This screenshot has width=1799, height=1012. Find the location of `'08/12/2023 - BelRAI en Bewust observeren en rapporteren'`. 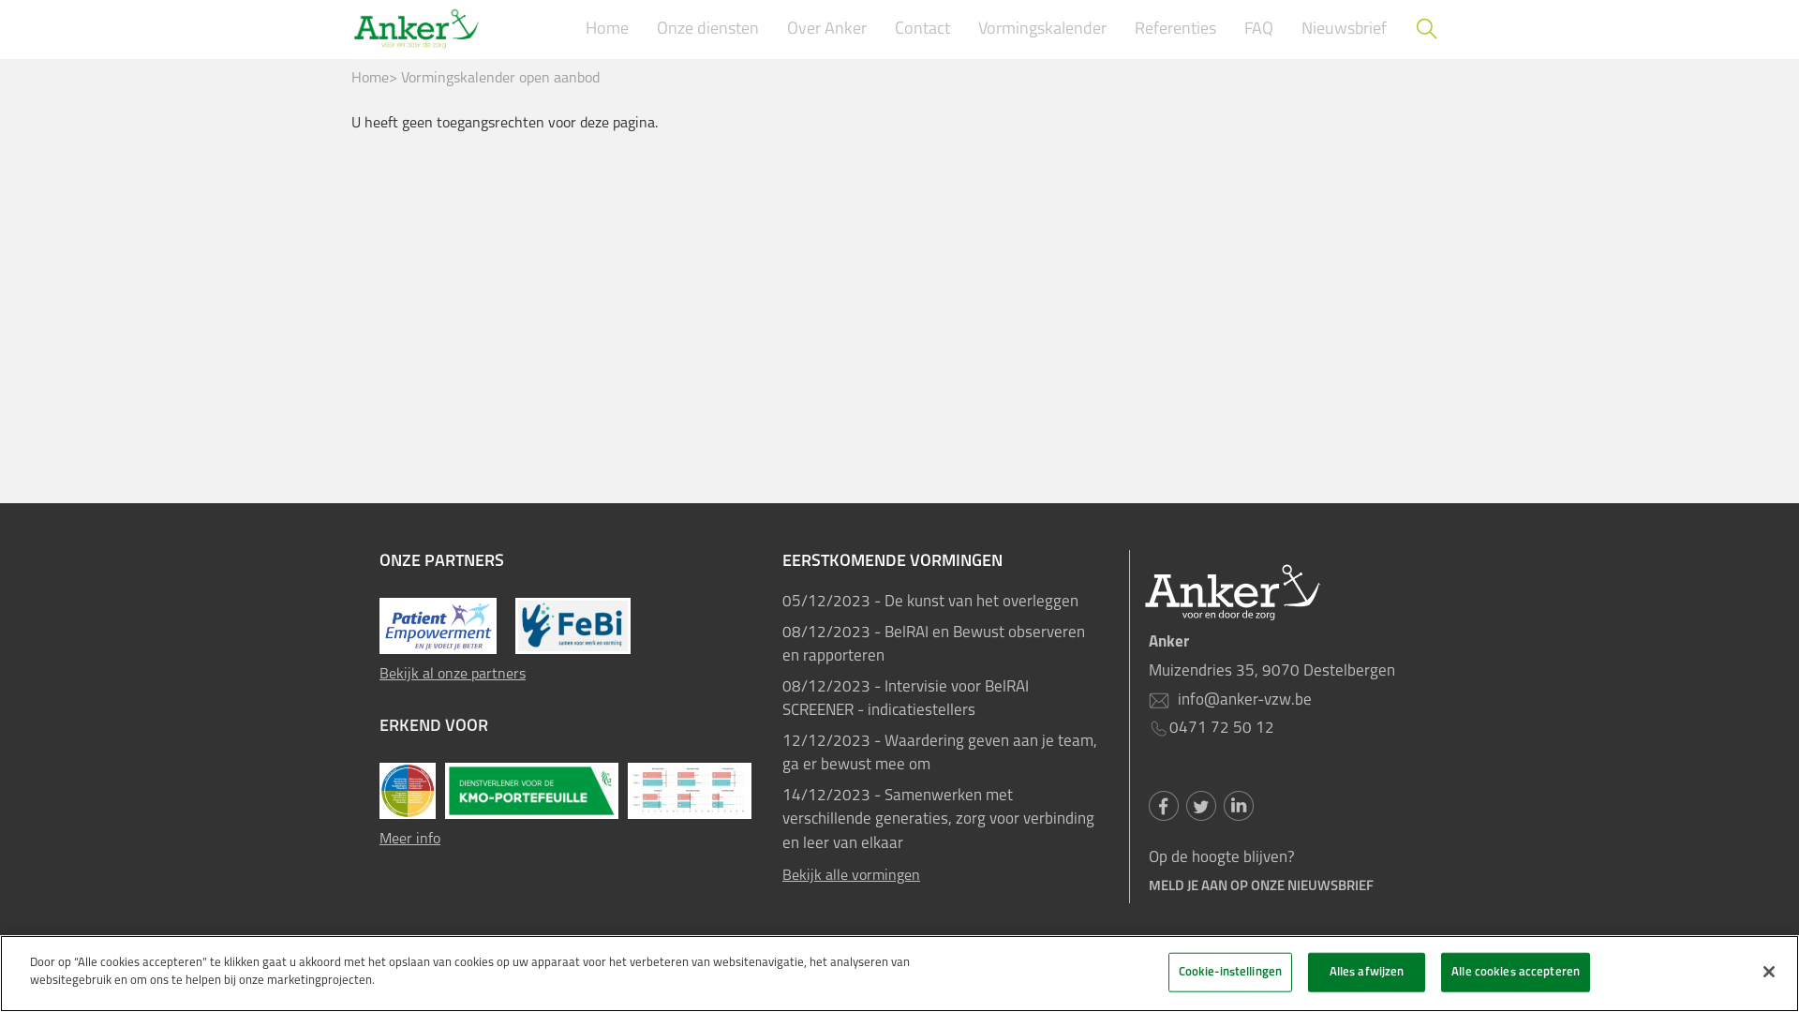

'08/12/2023 - BelRAI en Bewust observeren en rapporteren' is located at coordinates (941, 643).